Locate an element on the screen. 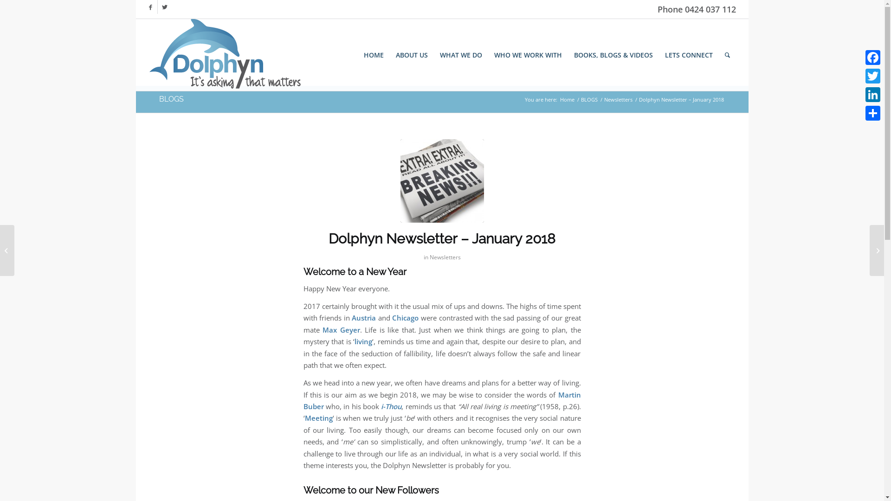  'BLOGS' is located at coordinates (171, 99).